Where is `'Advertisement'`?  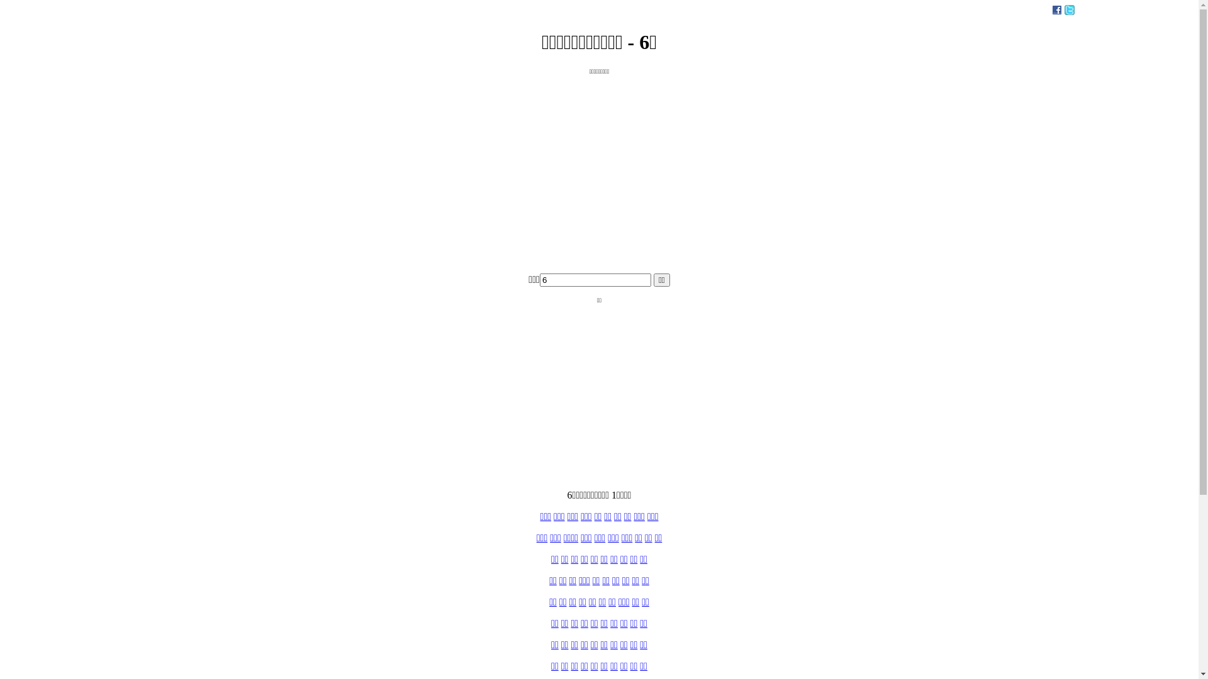 'Advertisement' is located at coordinates (598, 391).